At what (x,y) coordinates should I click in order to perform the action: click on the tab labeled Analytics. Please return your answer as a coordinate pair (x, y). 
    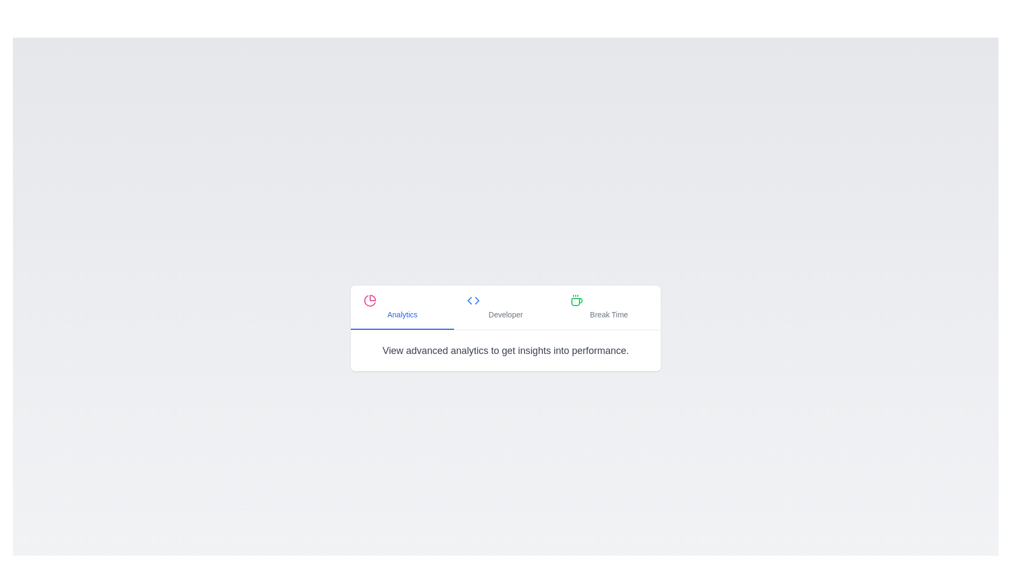
    Looking at the image, I should click on (402, 307).